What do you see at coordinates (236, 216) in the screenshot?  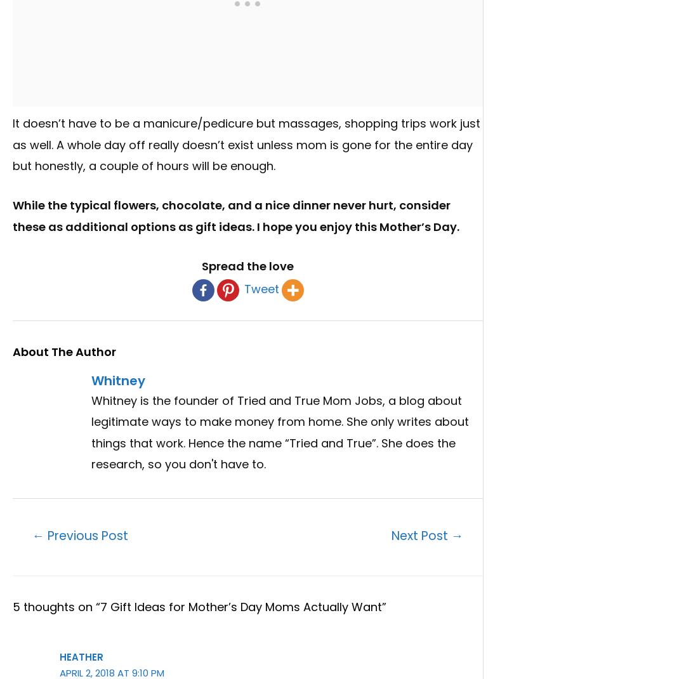 I see `'While the typical flowers, chocolate, and a nice dinner never hurt, consider these as additional options as gift ideas. I hope you enjoy this Mother’s Day.'` at bounding box center [236, 216].